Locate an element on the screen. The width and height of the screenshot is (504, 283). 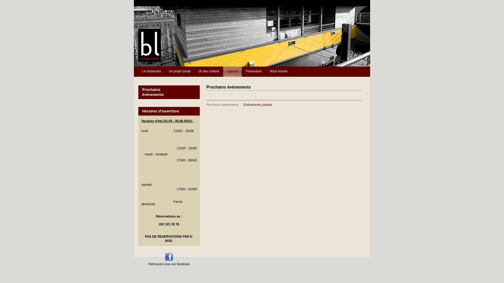
'Un lieu culturel' is located at coordinates (208, 72).